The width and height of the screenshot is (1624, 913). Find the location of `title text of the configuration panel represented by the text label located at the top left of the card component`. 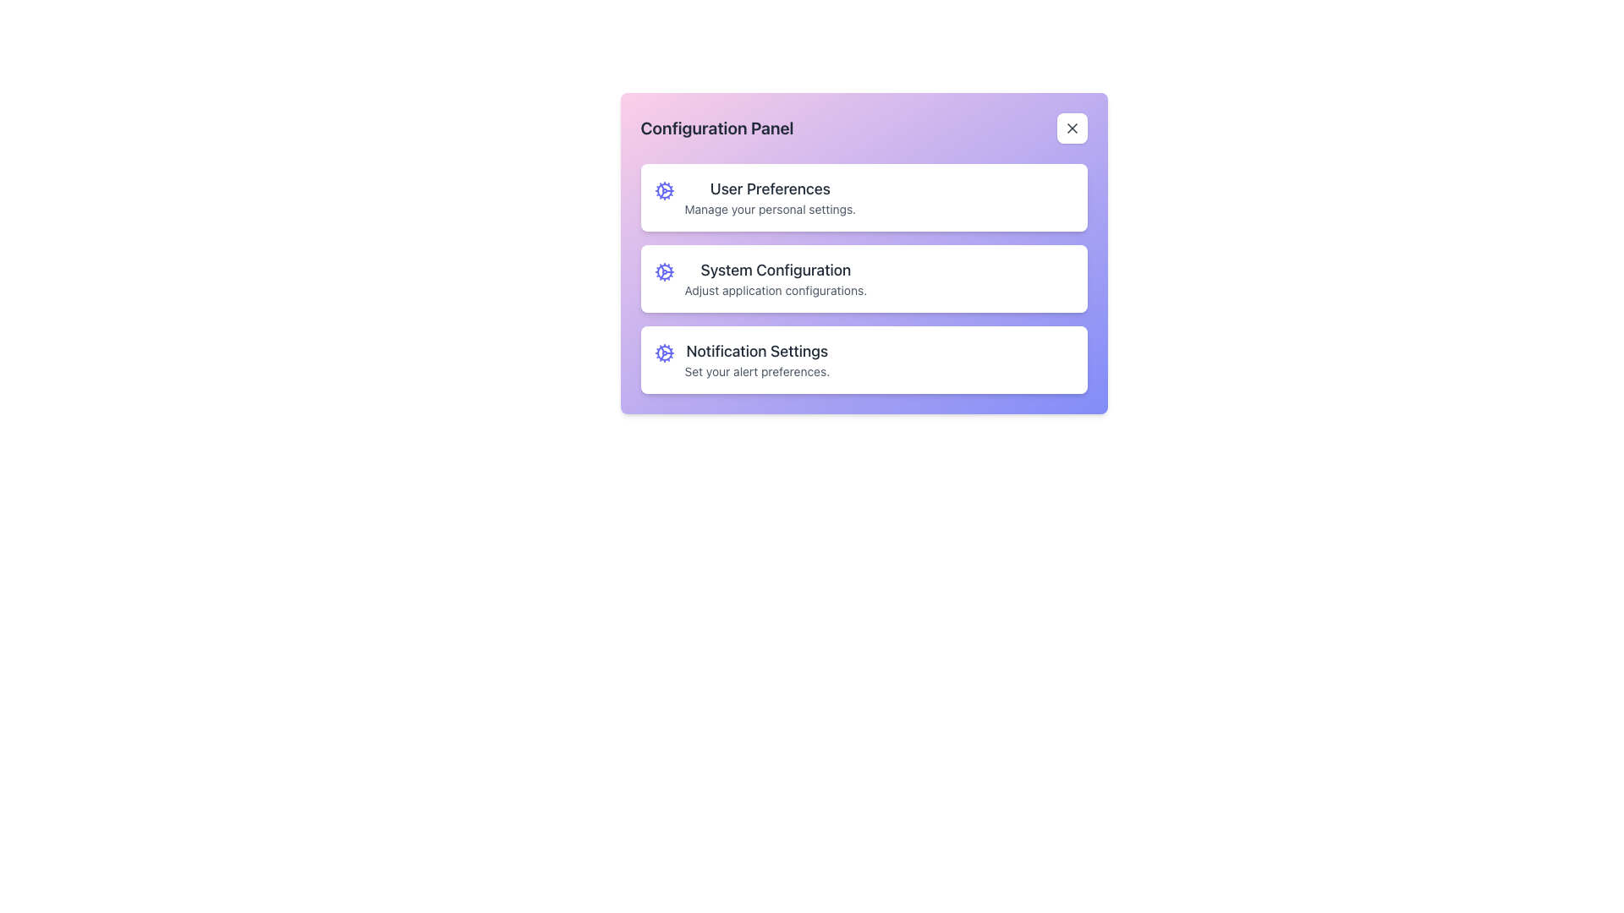

title text of the configuration panel represented by the text label located at the top left of the card component is located at coordinates (717, 127).